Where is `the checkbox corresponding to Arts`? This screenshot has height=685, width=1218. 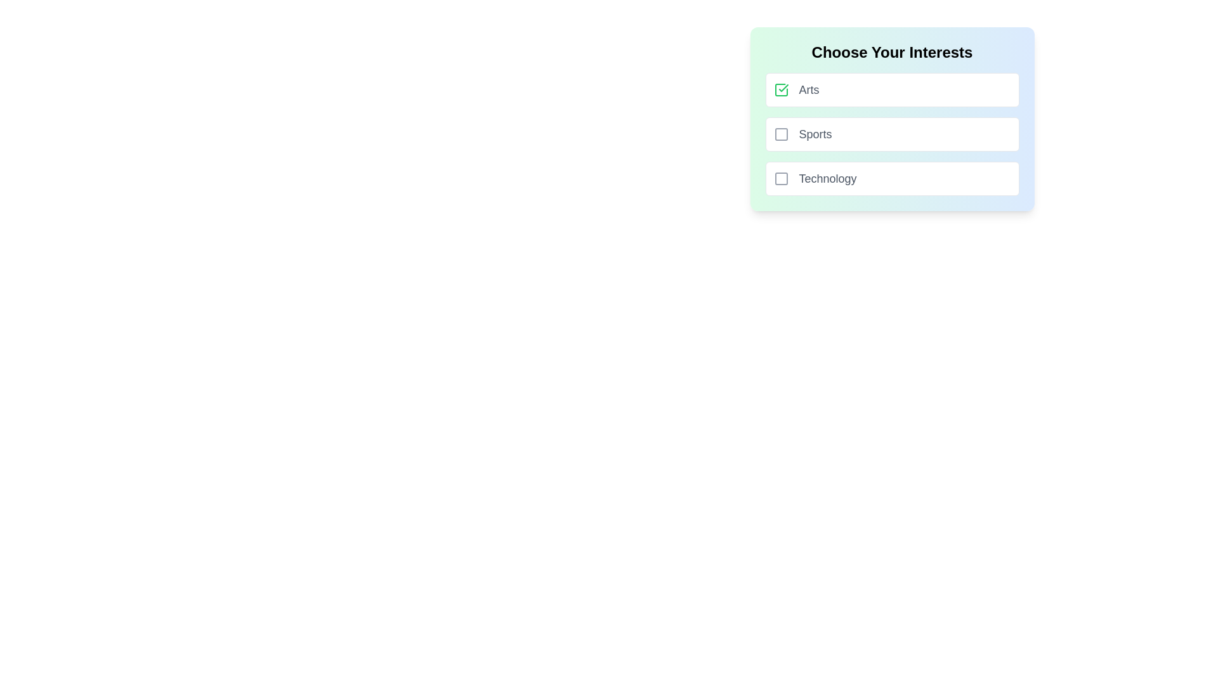 the checkbox corresponding to Arts is located at coordinates (780, 89).